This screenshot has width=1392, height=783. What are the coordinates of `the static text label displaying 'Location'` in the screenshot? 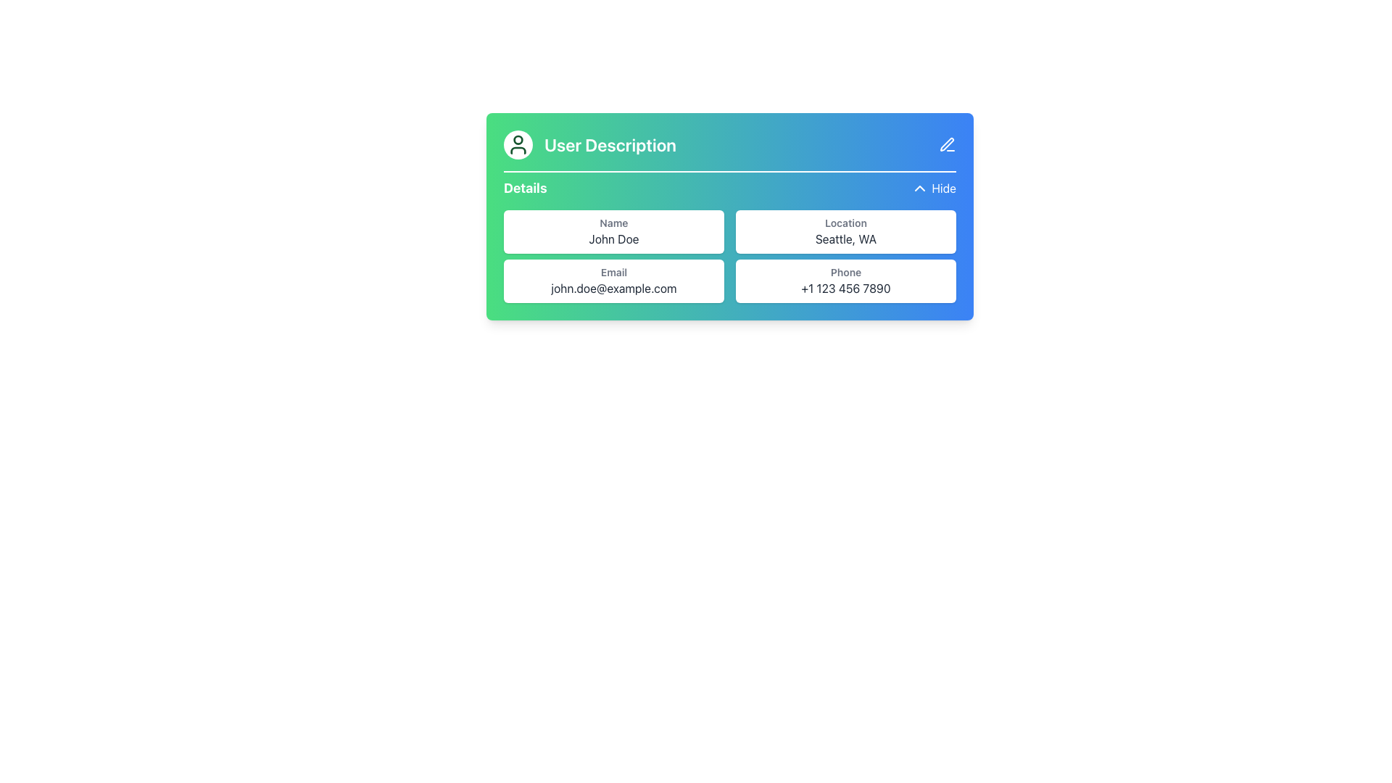 It's located at (845, 223).